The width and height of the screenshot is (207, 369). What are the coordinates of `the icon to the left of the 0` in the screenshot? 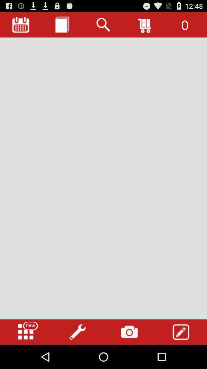 It's located at (145, 25).